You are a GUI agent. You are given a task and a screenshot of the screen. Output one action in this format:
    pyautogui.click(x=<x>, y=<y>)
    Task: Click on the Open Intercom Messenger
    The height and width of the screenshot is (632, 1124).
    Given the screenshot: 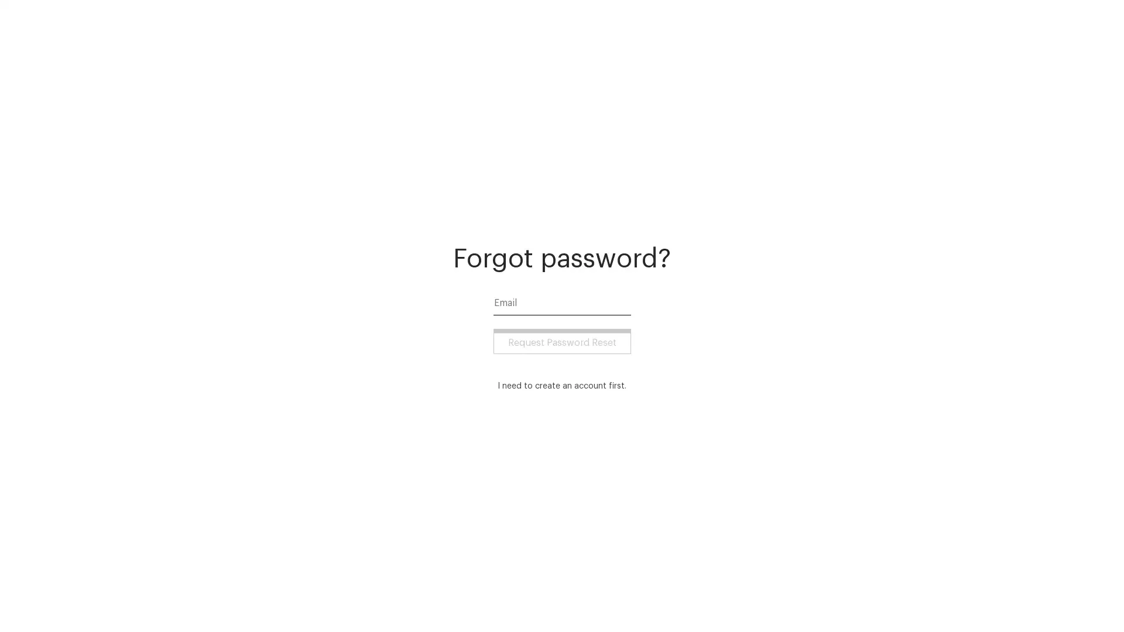 What is the action you would take?
    pyautogui.click(x=1094, y=602)
    